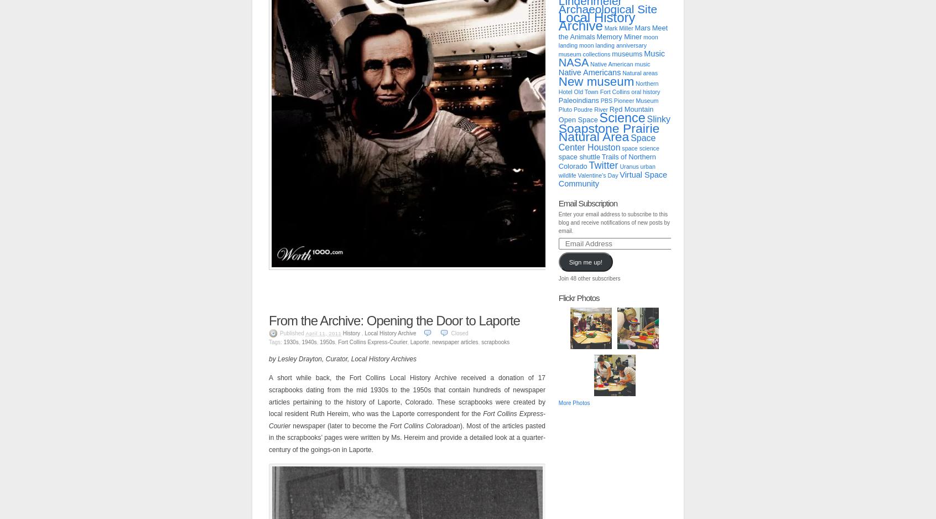 Image resolution: width=936 pixels, height=519 pixels. I want to click on 'Northern Hotel', so click(608, 87).